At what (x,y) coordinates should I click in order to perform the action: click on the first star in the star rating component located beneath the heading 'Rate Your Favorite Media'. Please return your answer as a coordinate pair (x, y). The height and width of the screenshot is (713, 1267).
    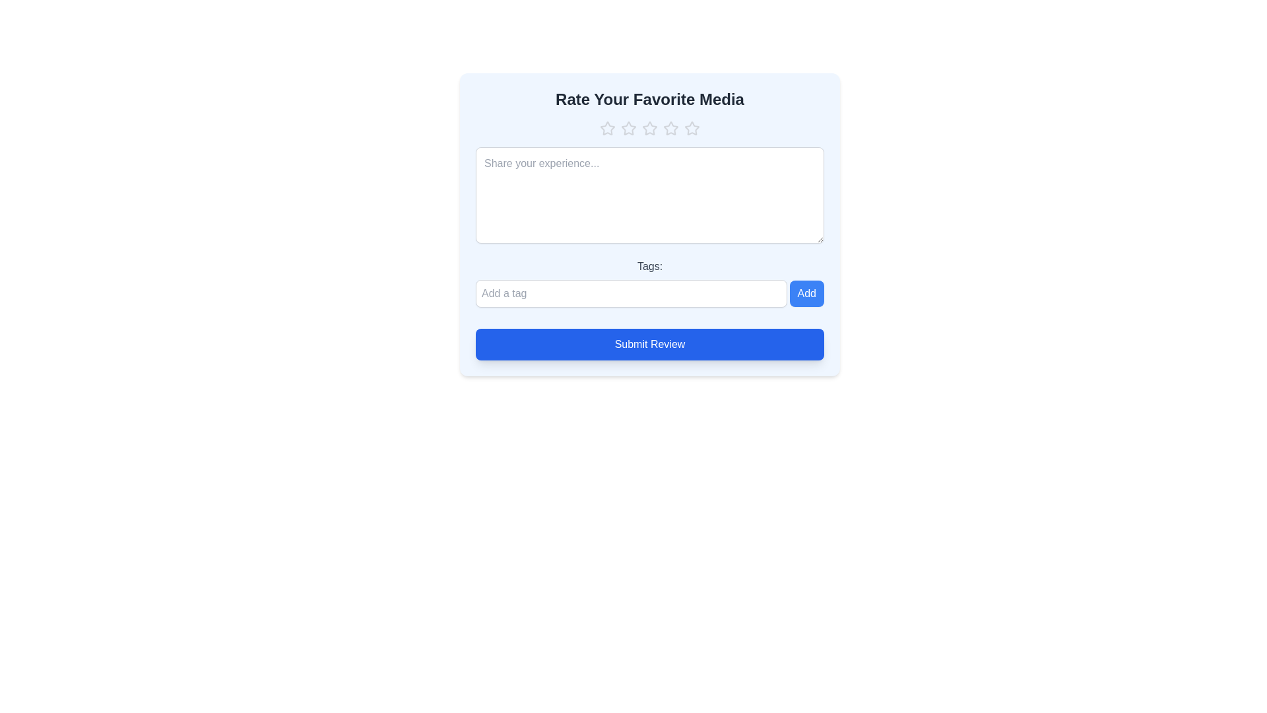
    Looking at the image, I should click on (607, 128).